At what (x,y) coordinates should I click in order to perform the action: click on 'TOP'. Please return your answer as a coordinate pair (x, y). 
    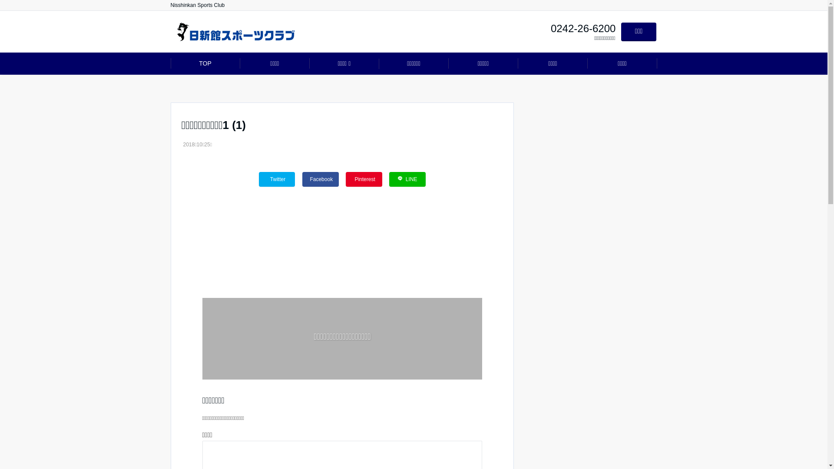
    Looking at the image, I should click on (204, 63).